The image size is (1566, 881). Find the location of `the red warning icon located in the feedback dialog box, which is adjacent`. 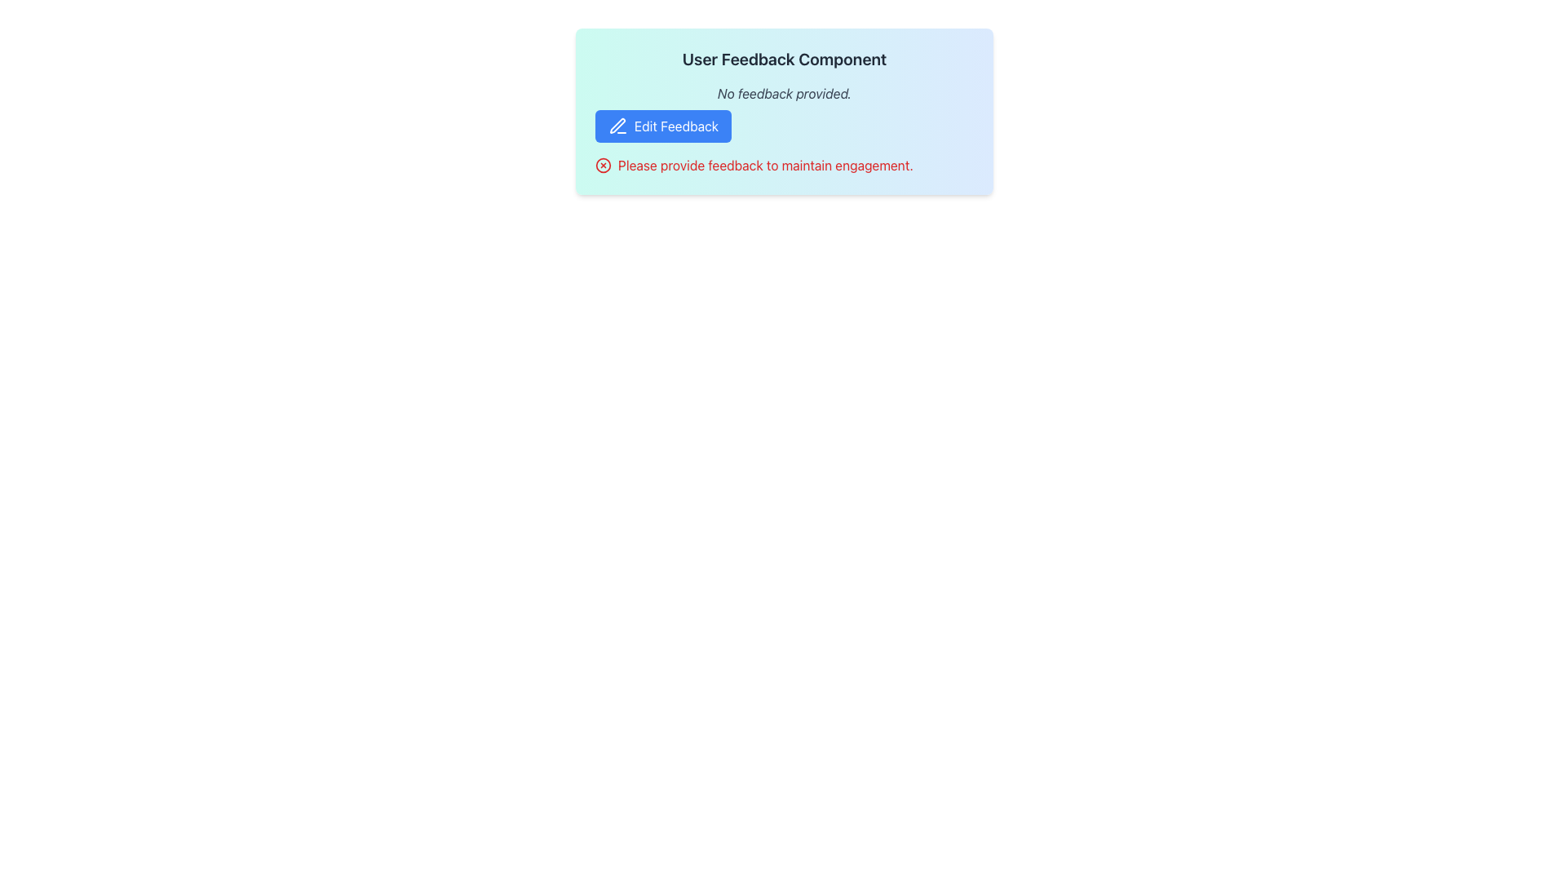

the red warning icon located in the feedback dialog box, which is adjacent is located at coordinates (602, 166).